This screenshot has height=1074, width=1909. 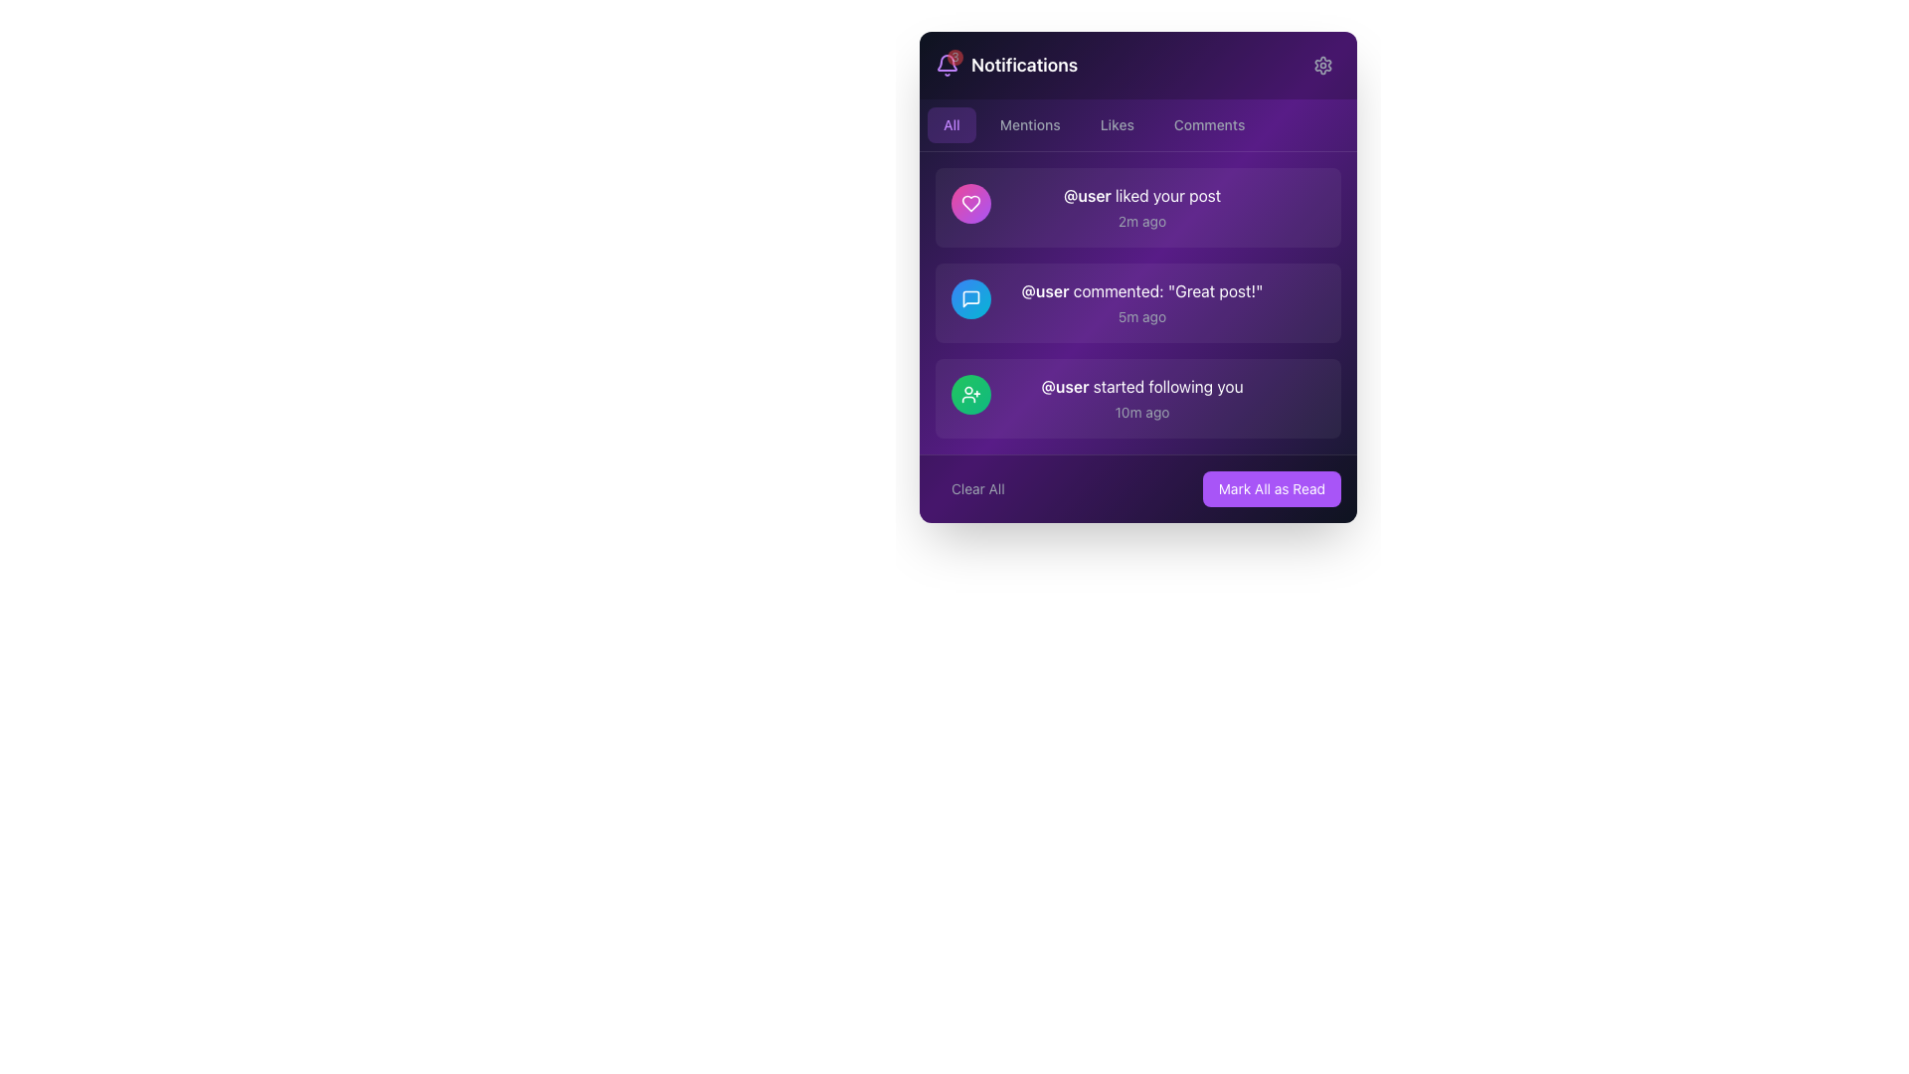 What do you see at coordinates (1141, 387) in the screenshot?
I see `the notification message text label that informs the user about a new follower '@user', located in the lower part of the notification card` at bounding box center [1141, 387].